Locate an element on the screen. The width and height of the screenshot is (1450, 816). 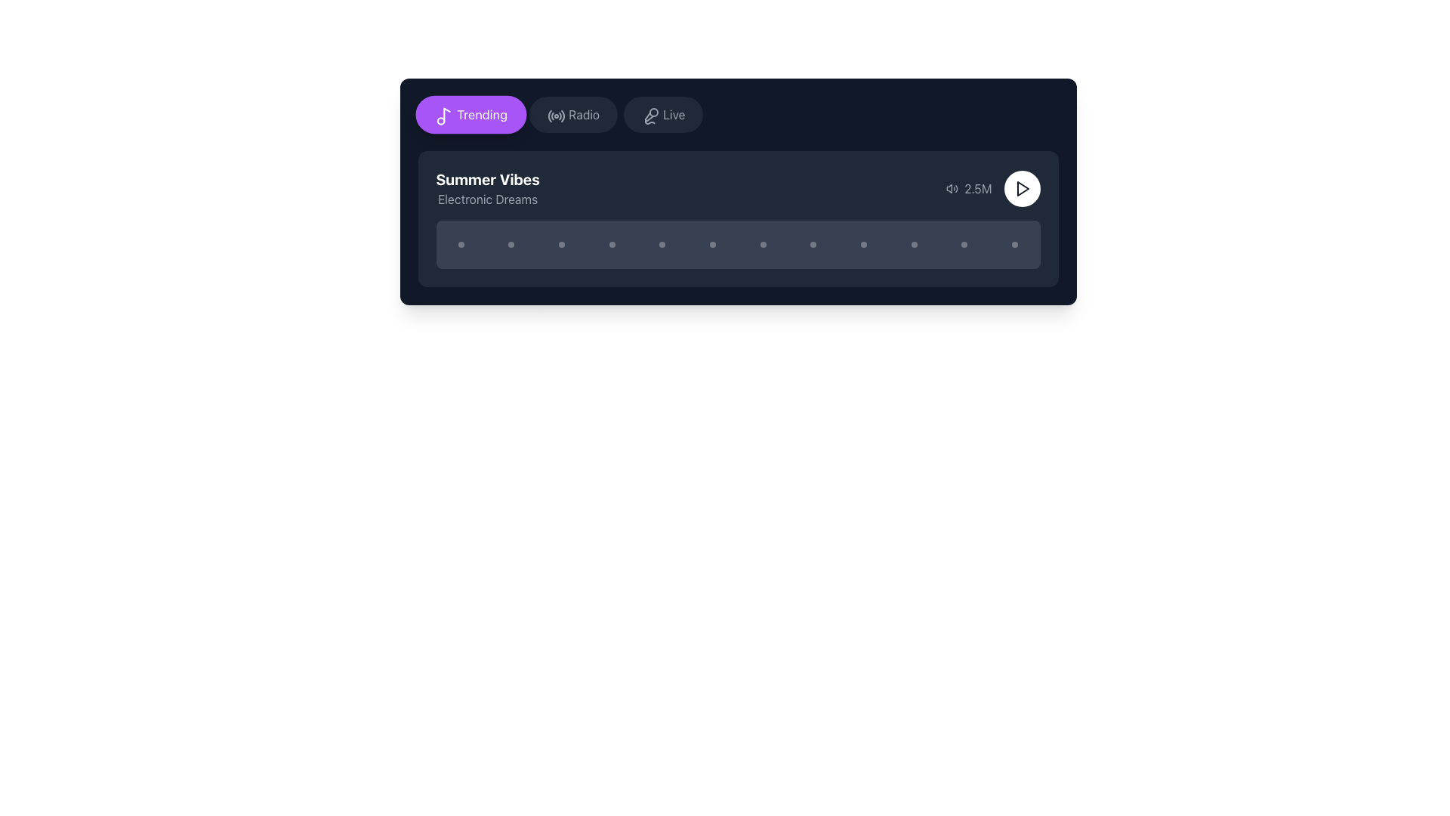
the 'Radio' button, which is the middle option among three buttons labeled 'Trending', 'Radio', and 'Live', featuring a dark background and light-colored text is located at coordinates (583, 113).